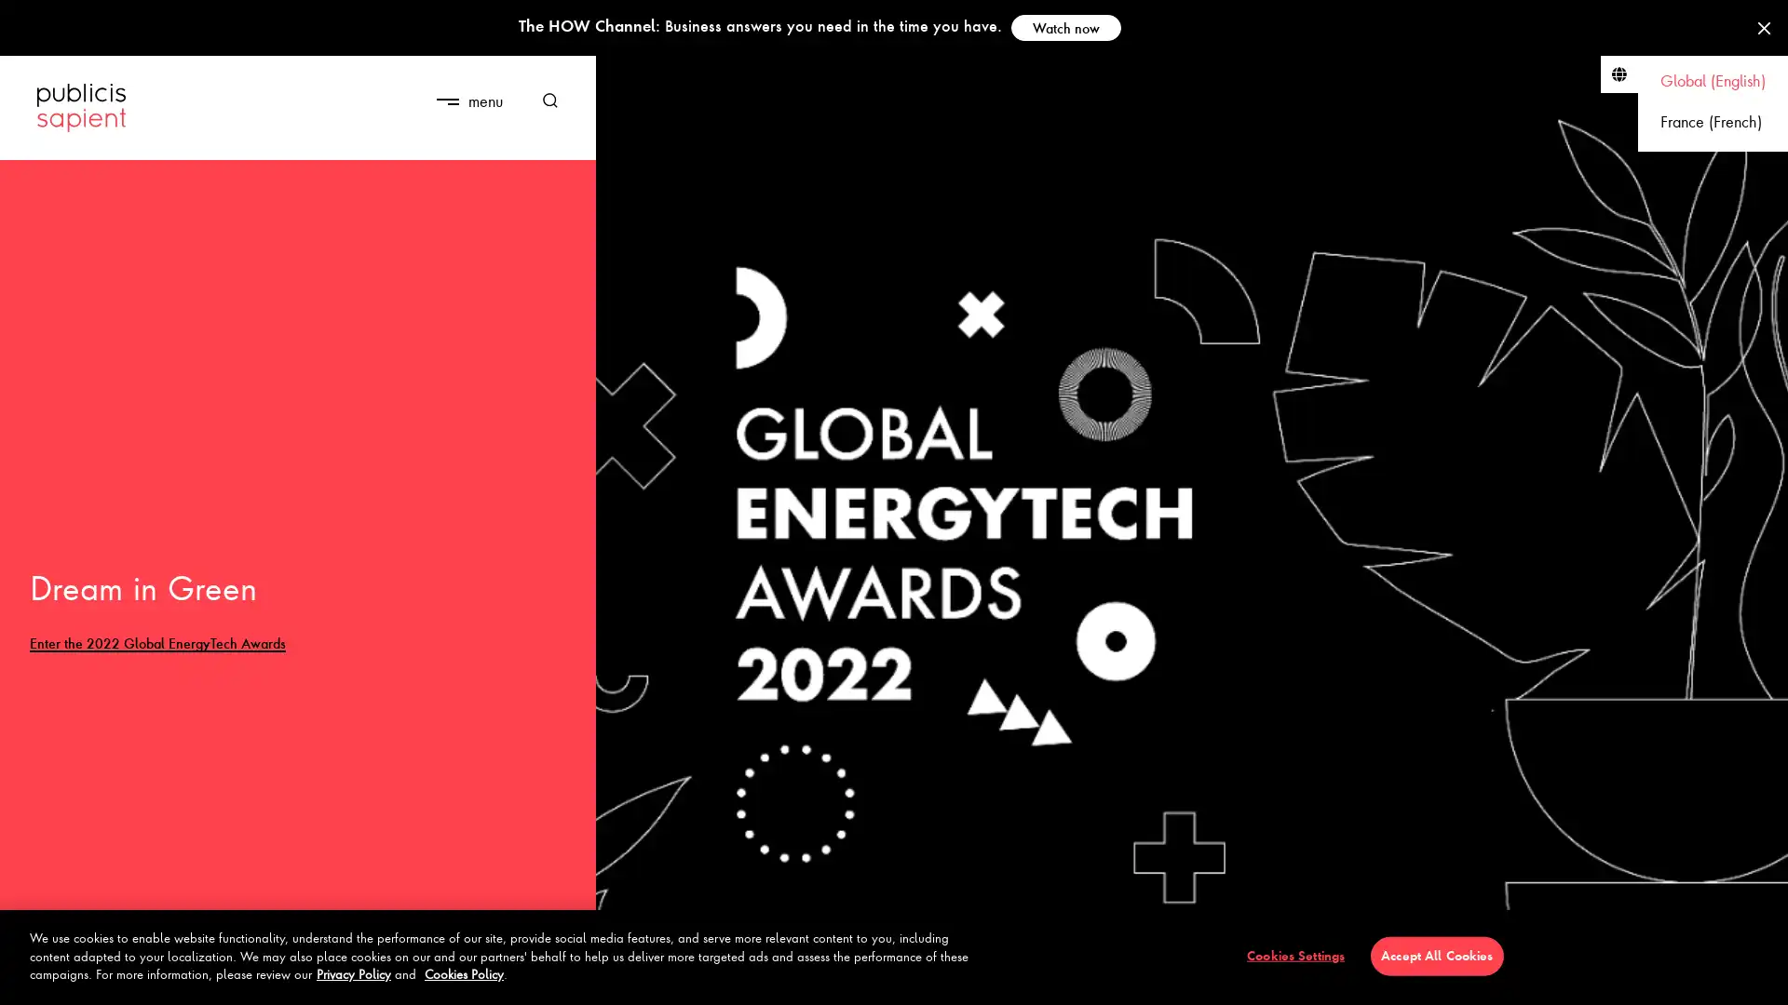 The height and width of the screenshot is (1005, 1788). I want to click on Accept All Cookies, so click(1435, 955).